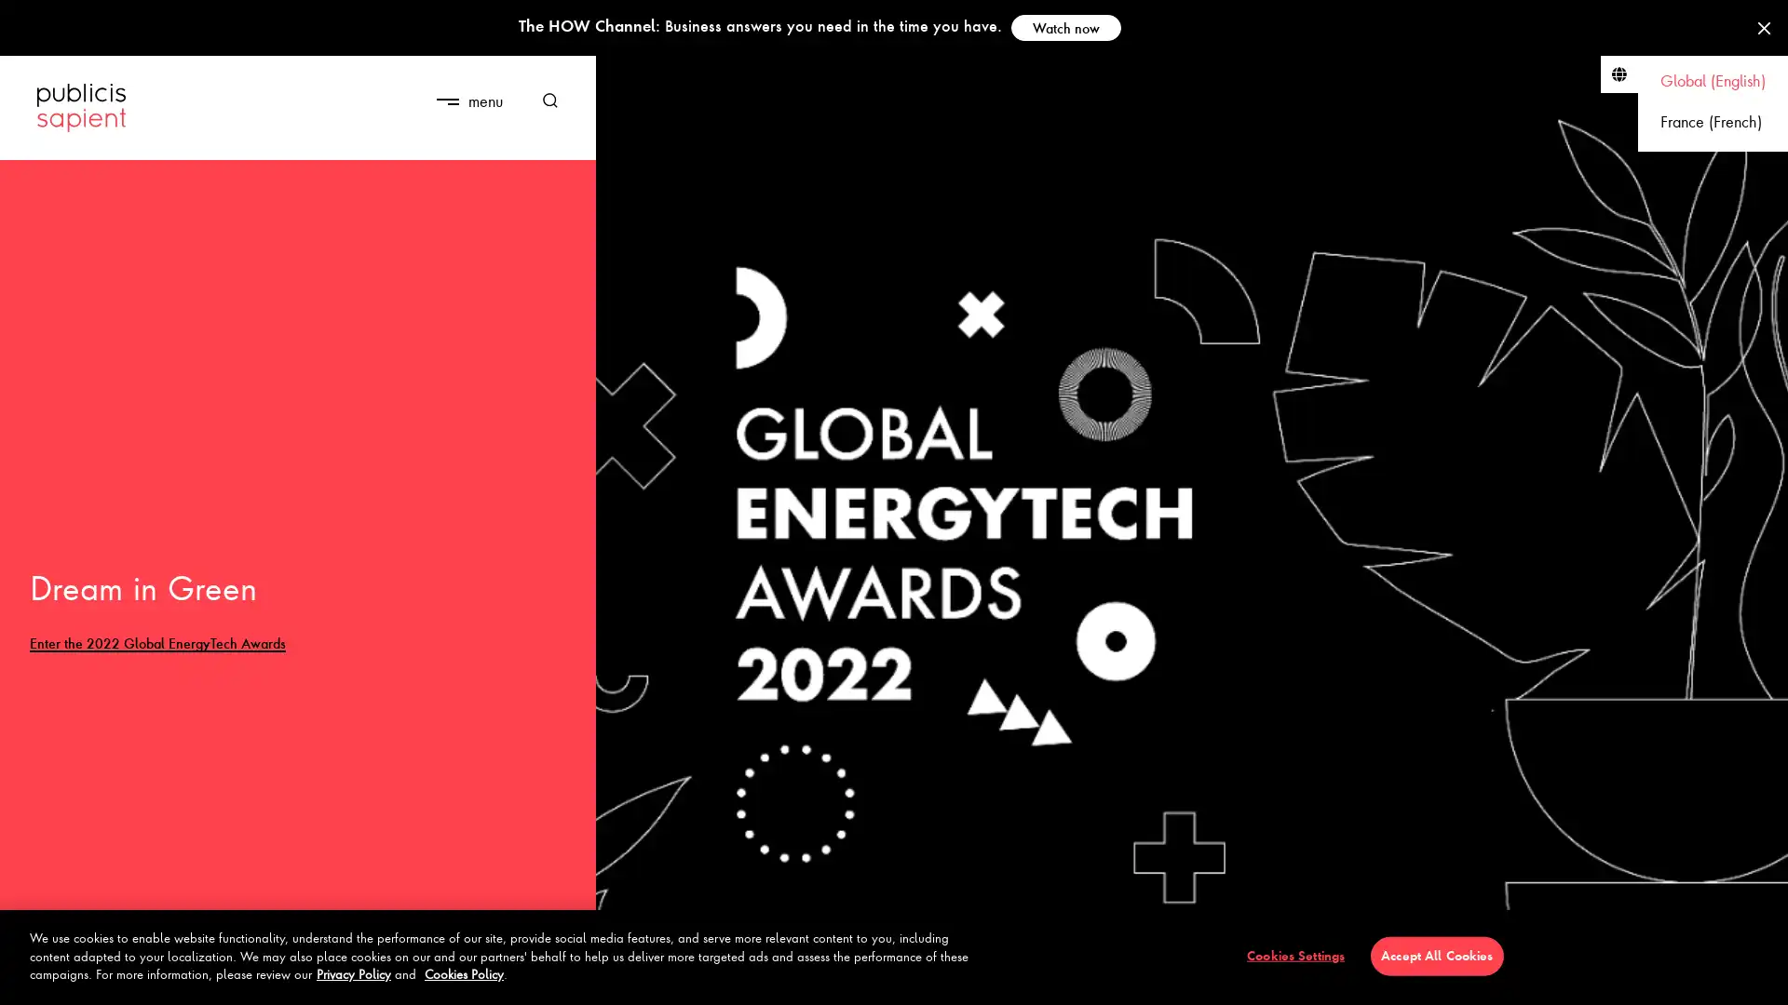 The height and width of the screenshot is (1005, 1788). I want to click on Accept All Cookies, so click(1435, 955).